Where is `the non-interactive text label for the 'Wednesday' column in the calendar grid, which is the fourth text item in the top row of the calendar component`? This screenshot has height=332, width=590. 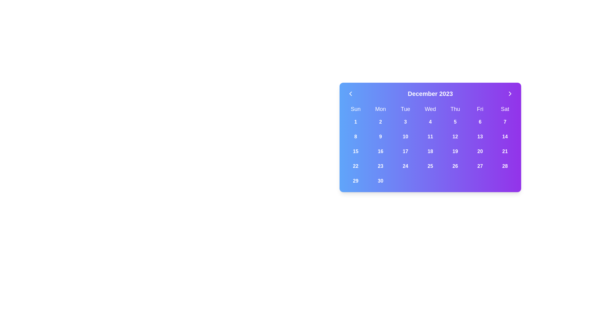
the non-interactive text label for the 'Wednesday' column in the calendar grid, which is the fourth text item in the top row of the calendar component is located at coordinates (430, 109).